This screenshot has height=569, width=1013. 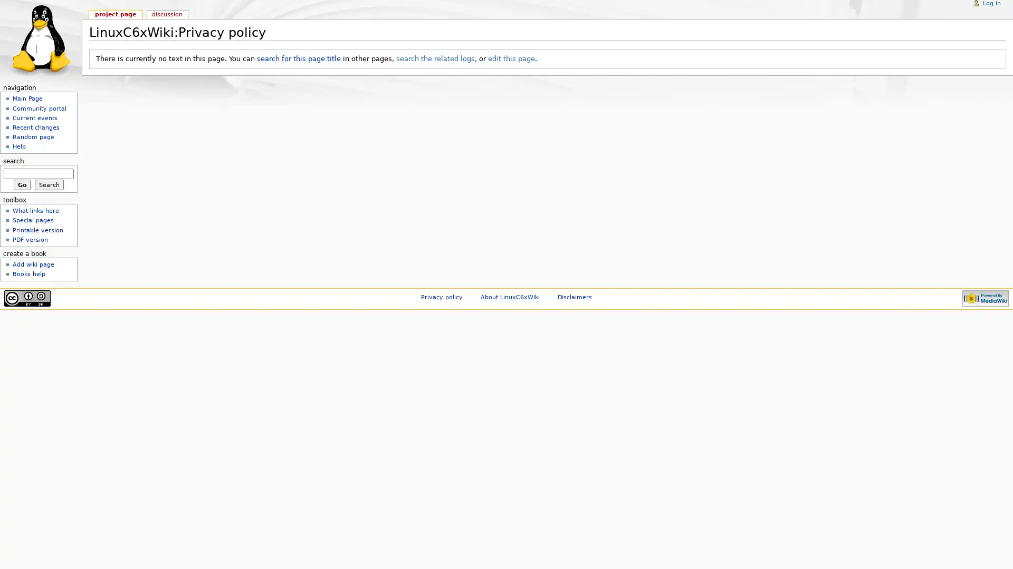 What do you see at coordinates (49, 184) in the screenshot?
I see `Search` at bounding box center [49, 184].